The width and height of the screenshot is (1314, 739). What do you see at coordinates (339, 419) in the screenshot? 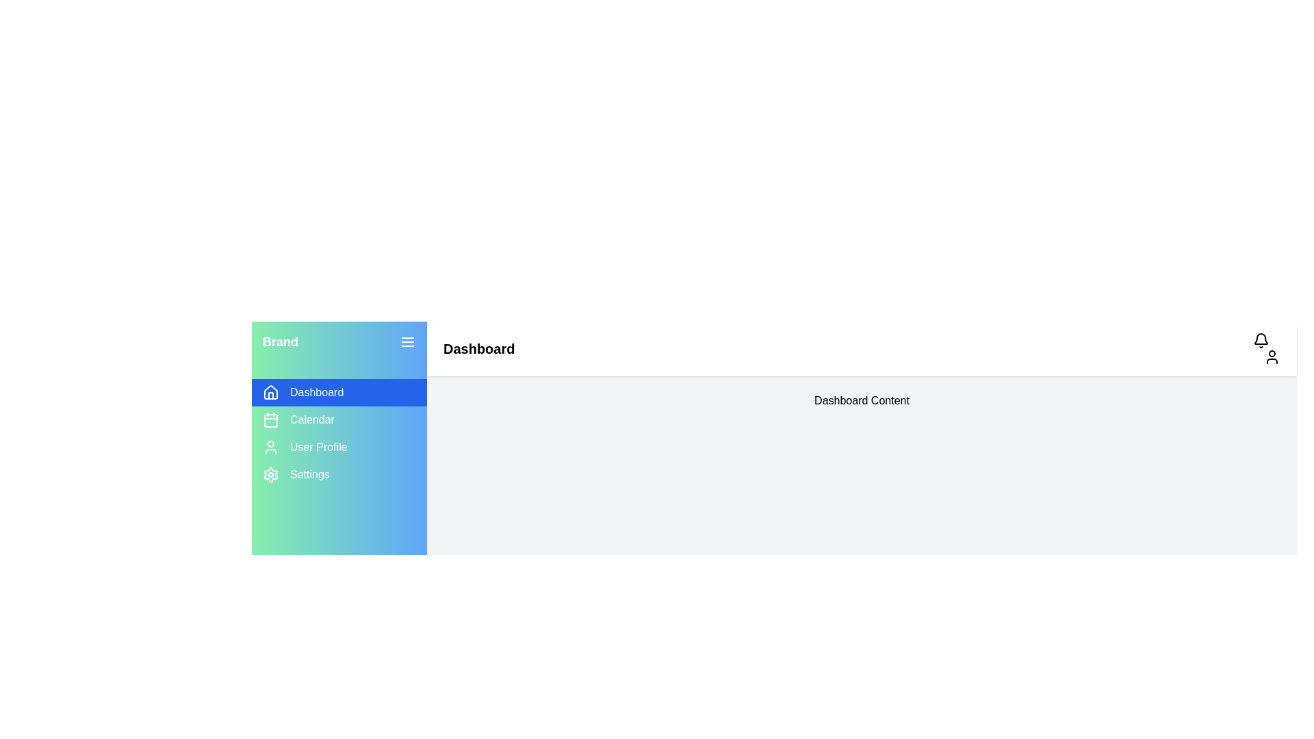
I see `the 'Calendar' button located in the vertical menu on the left side of the interface, positioned below 'Dashboard' and above 'User Profile'` at bounding box center [339, 419].